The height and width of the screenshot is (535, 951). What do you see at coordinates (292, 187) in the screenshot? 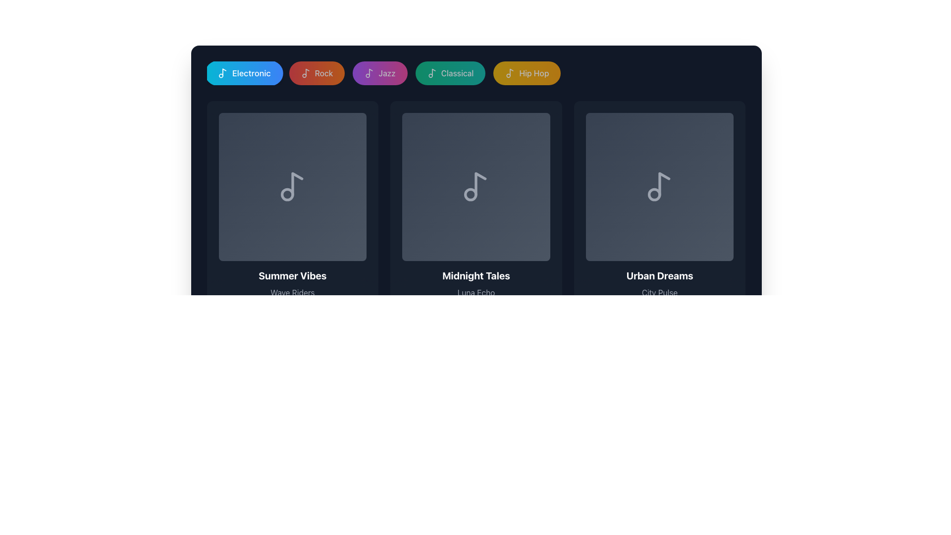
I see `the music-related icon located in the middle of the leftmost card` at bounding box center [292, 187].